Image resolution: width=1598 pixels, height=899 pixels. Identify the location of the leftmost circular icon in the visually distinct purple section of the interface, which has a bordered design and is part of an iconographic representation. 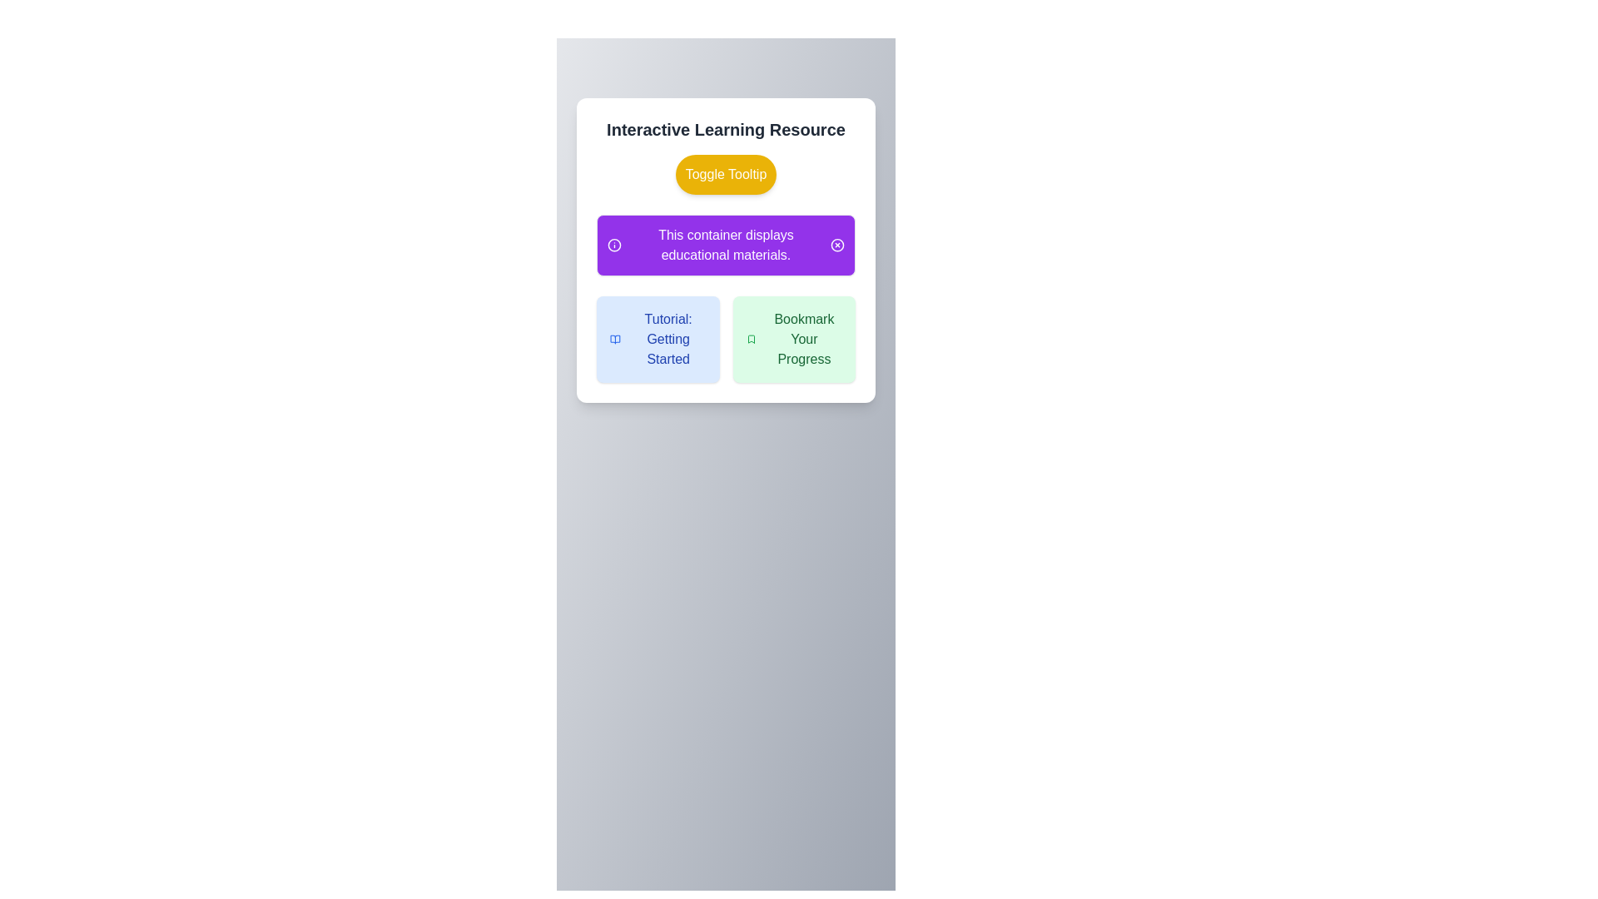
(837, 245).